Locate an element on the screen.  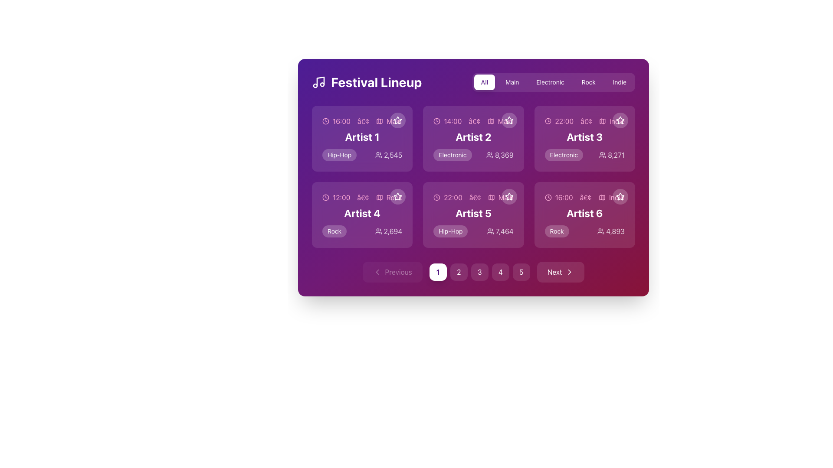
the informational Text label indicating the starting time of an event located in the top-left card of the interface is located at coordinates (341, 121).